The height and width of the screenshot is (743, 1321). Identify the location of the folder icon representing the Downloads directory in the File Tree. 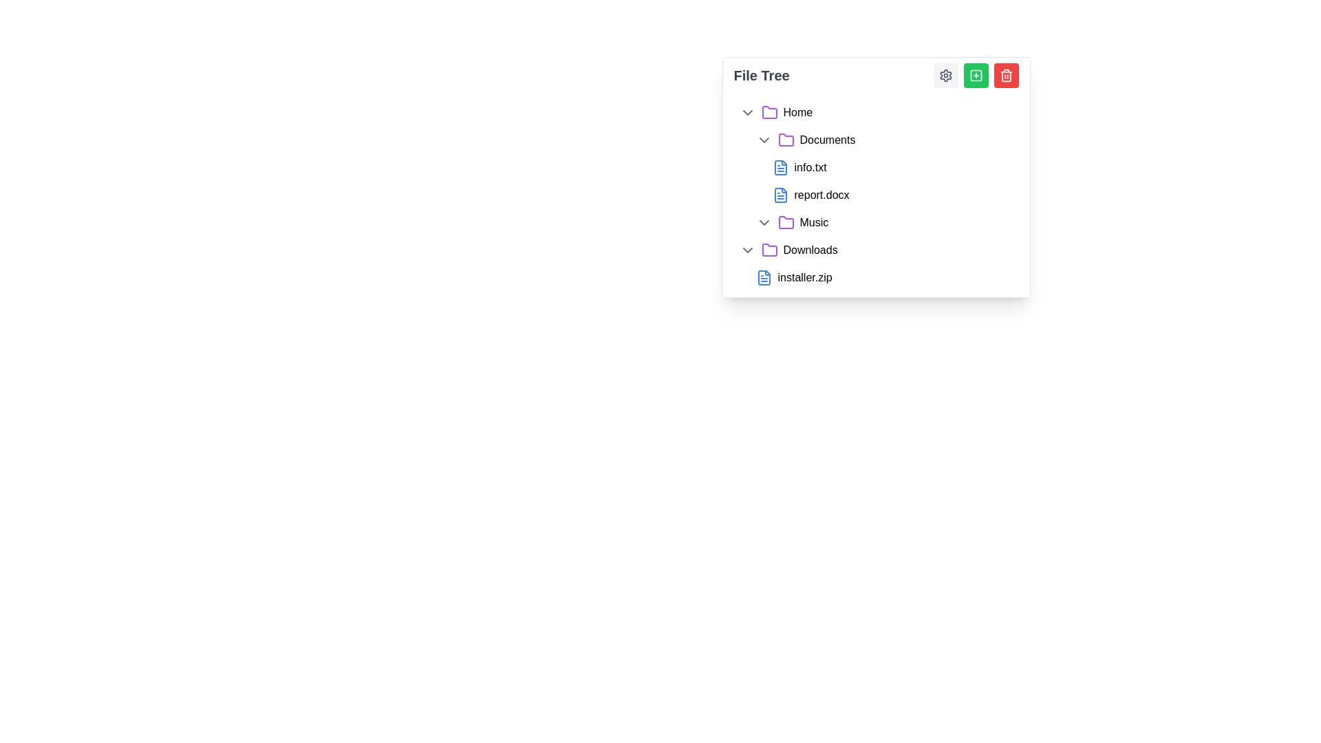
(769, 250).